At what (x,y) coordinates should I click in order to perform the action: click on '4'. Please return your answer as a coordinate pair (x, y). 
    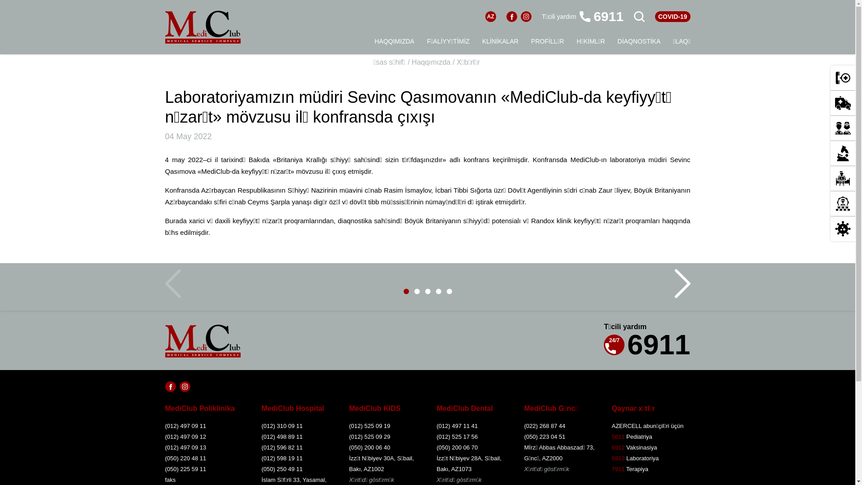
    Looking at the image, I should click on (435, 291).